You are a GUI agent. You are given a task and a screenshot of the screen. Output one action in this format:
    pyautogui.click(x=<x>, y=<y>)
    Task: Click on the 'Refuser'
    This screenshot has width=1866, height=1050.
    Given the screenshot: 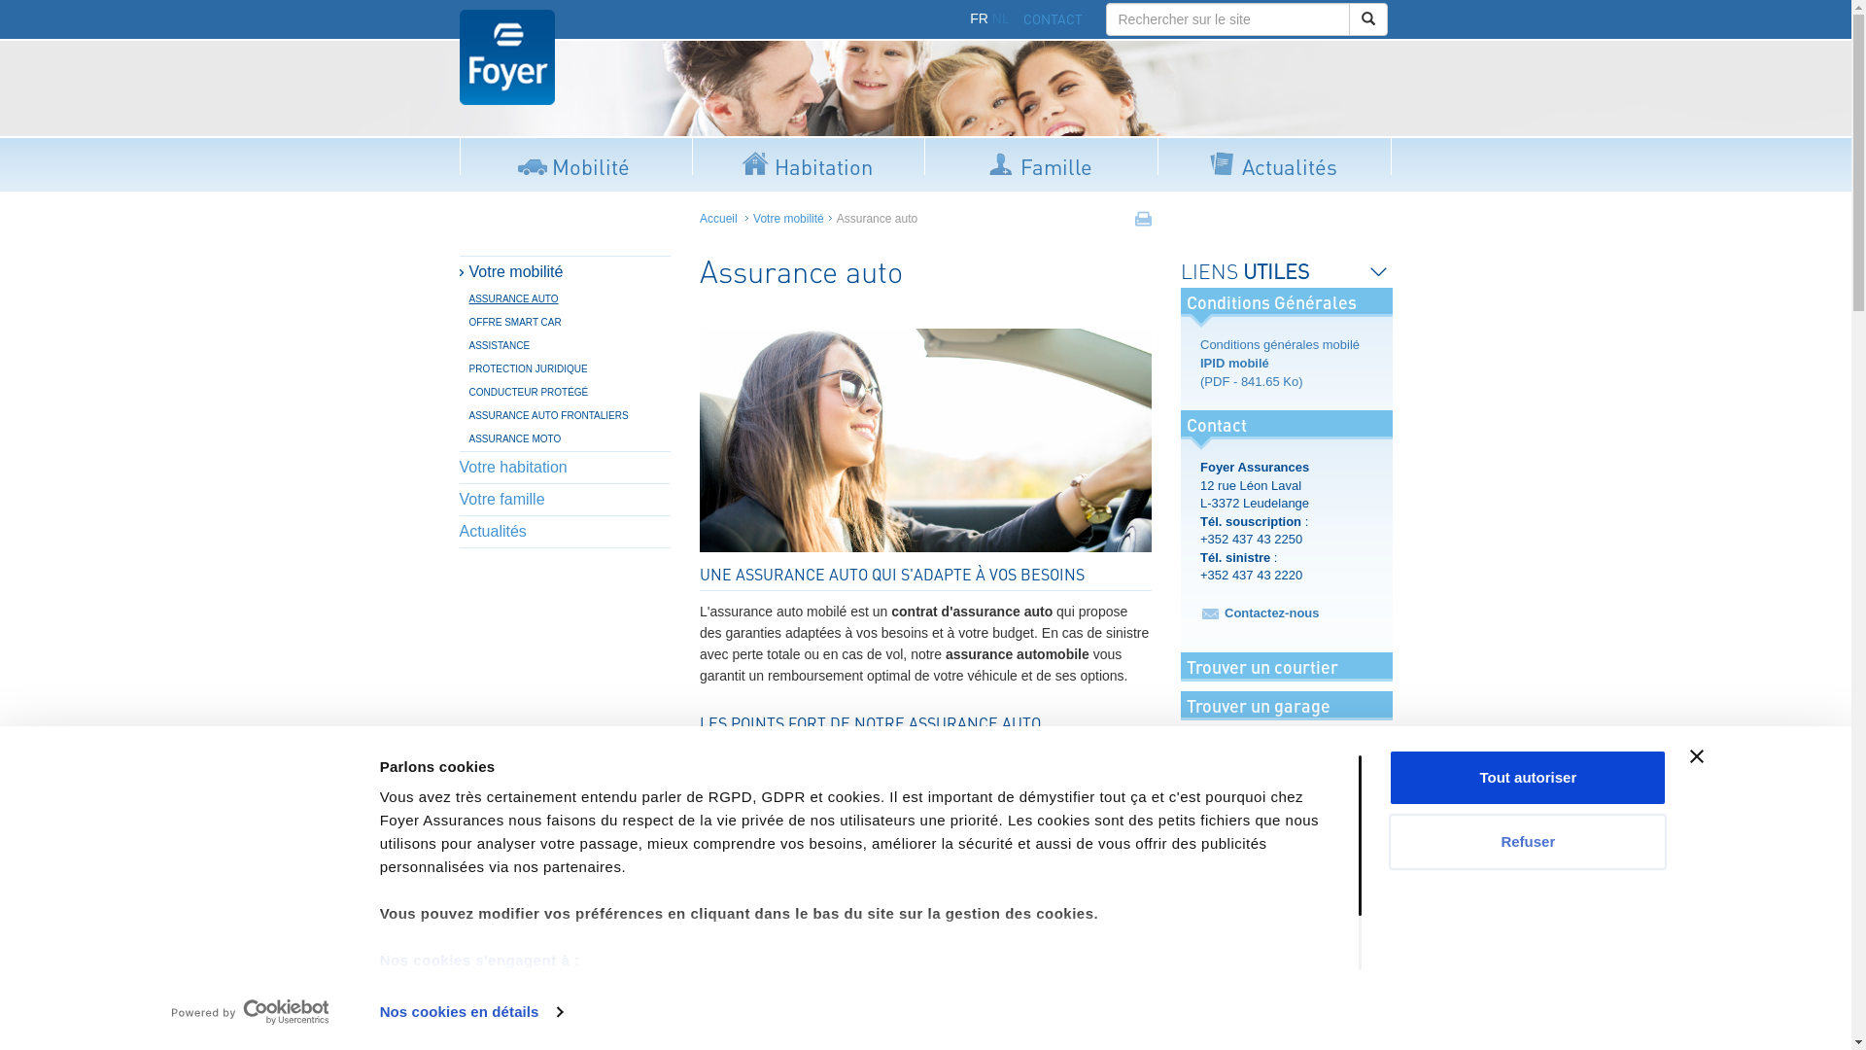 What is the action you would take?
    pyautogui.click(x=1526, y=839)
    